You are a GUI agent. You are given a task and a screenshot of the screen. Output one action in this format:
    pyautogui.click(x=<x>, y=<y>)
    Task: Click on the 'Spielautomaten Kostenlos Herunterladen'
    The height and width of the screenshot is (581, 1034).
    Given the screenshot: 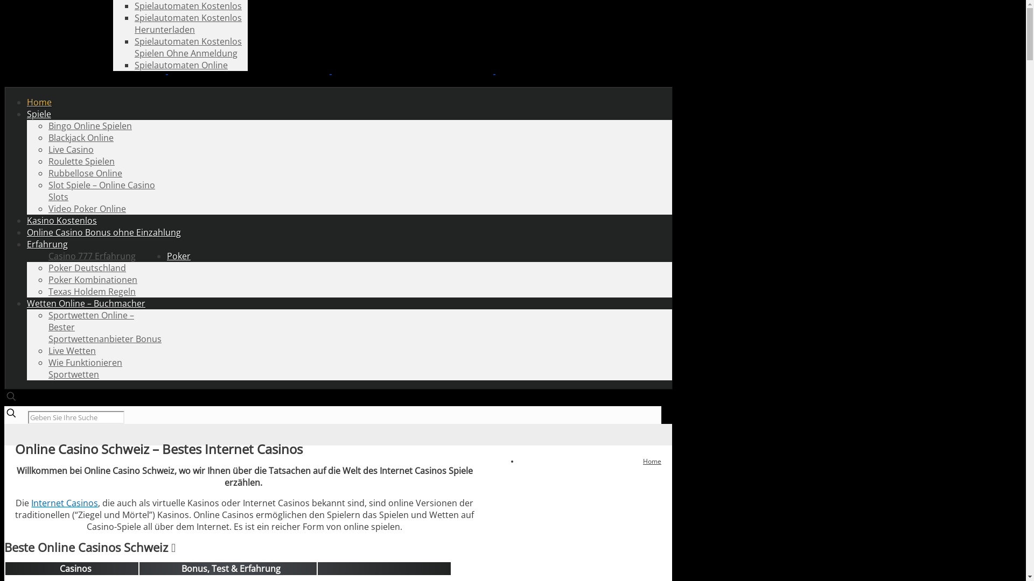 What is the action you would take?
    pyautogui.click(x=134, y=23)
    